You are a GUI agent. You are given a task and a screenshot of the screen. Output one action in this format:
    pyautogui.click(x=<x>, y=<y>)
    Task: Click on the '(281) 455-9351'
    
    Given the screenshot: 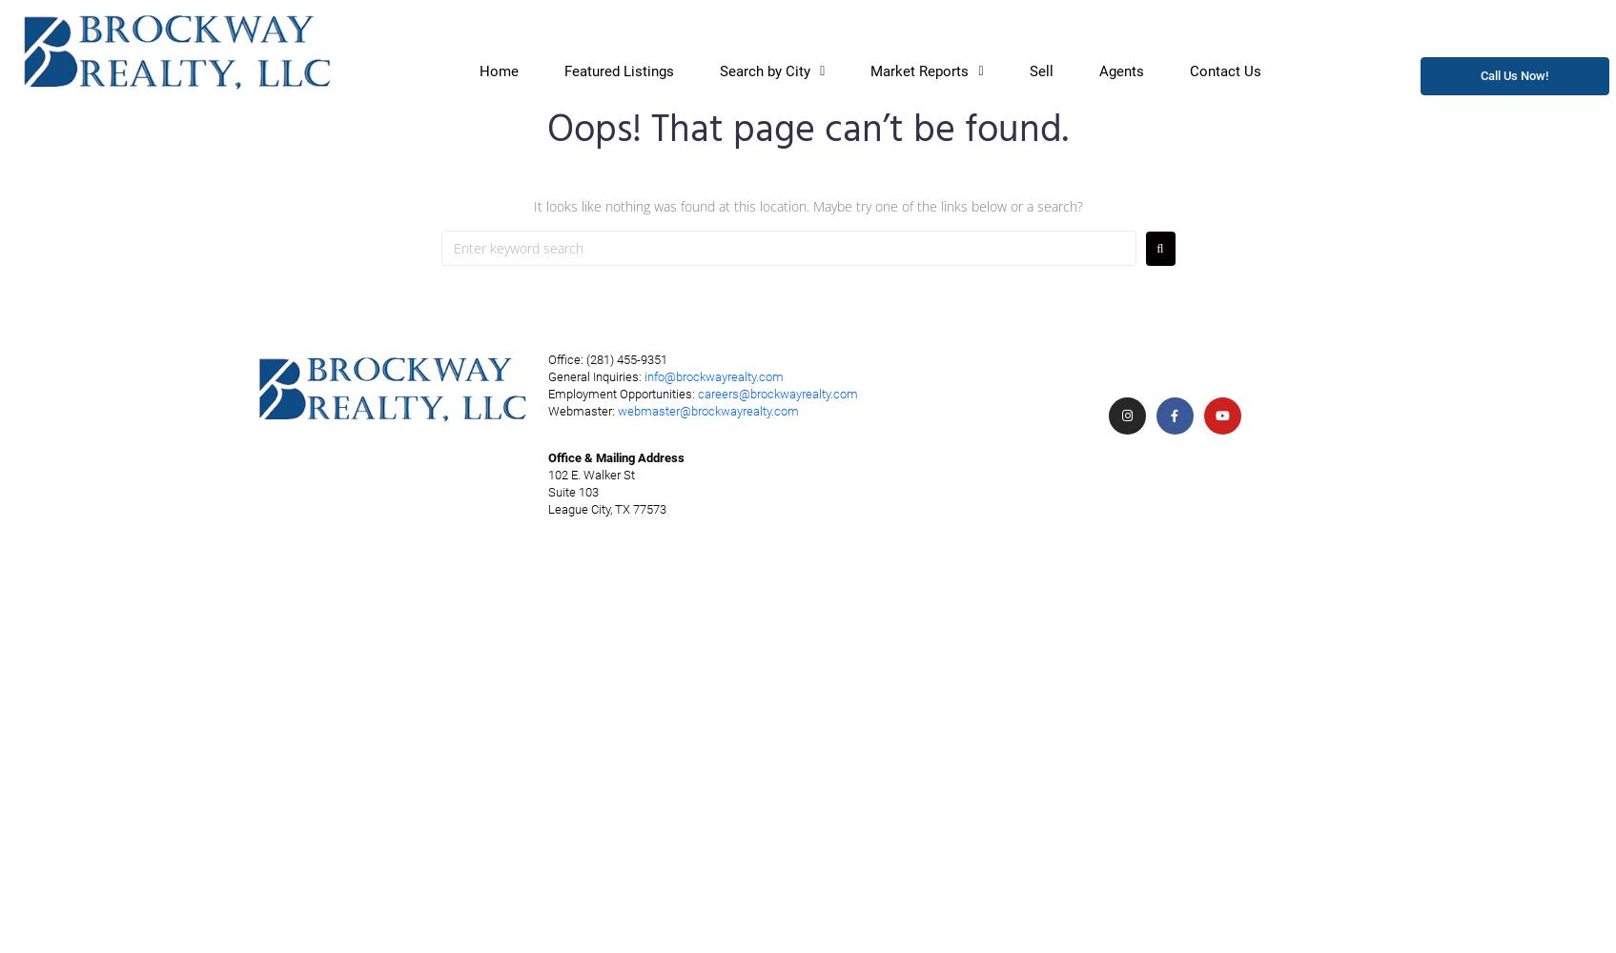 What is the action you would take?
    pyautogui.click(x=1514, y=73)
    